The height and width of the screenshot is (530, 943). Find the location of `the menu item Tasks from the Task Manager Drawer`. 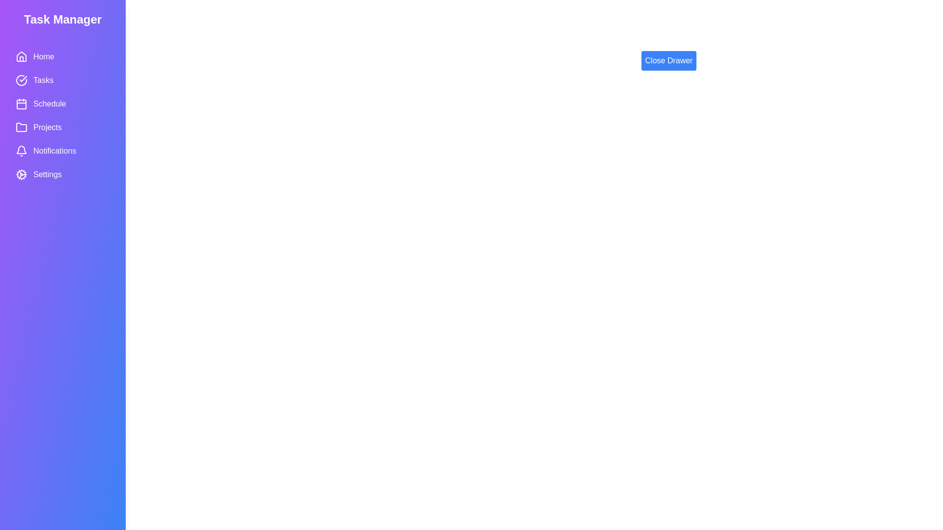

the menu item Tasks from the Task Manager Drawer is located at coordinates (62, 80).